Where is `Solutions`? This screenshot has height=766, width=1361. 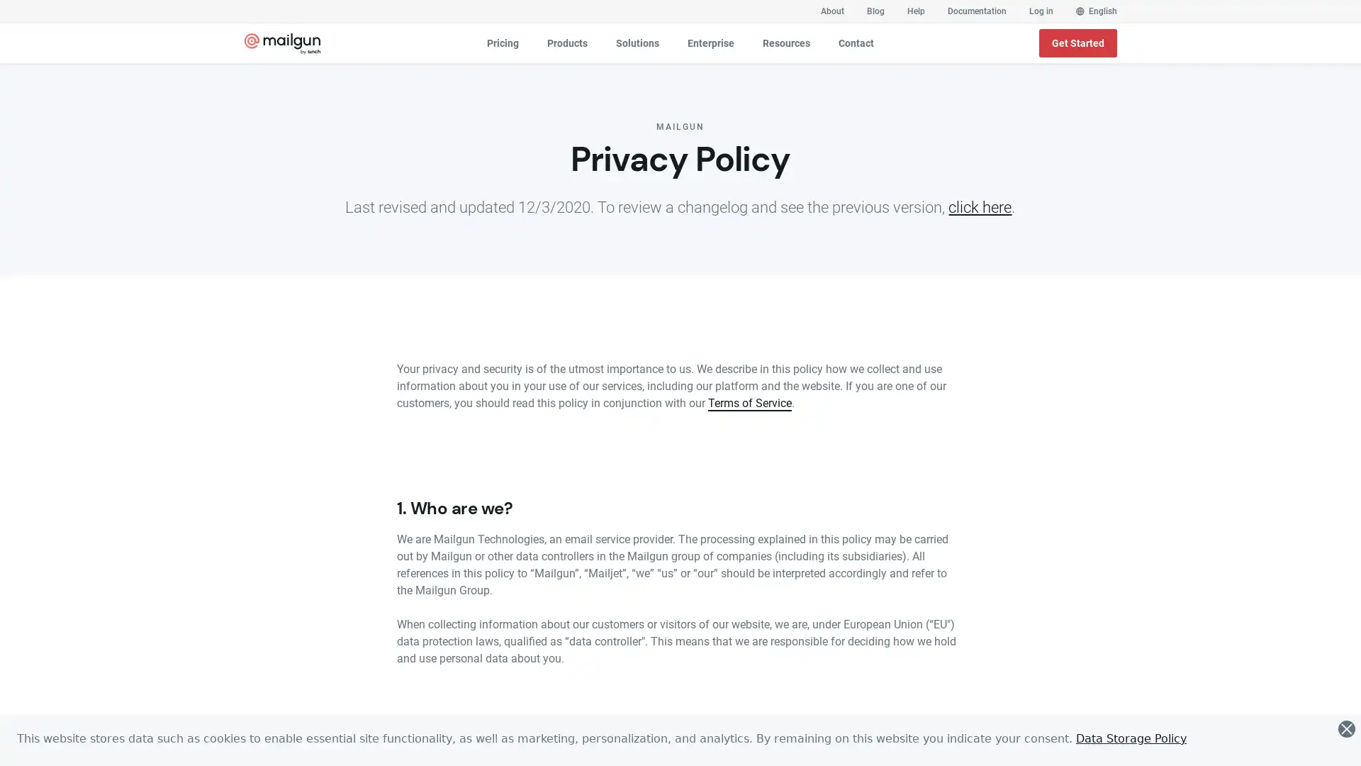
Solutions is located at coordinates (636, 43).